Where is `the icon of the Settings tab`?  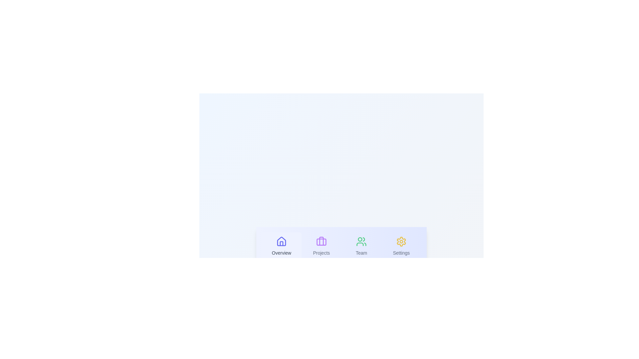 the icon of the Settings tab is located at coordinates (401, 241).